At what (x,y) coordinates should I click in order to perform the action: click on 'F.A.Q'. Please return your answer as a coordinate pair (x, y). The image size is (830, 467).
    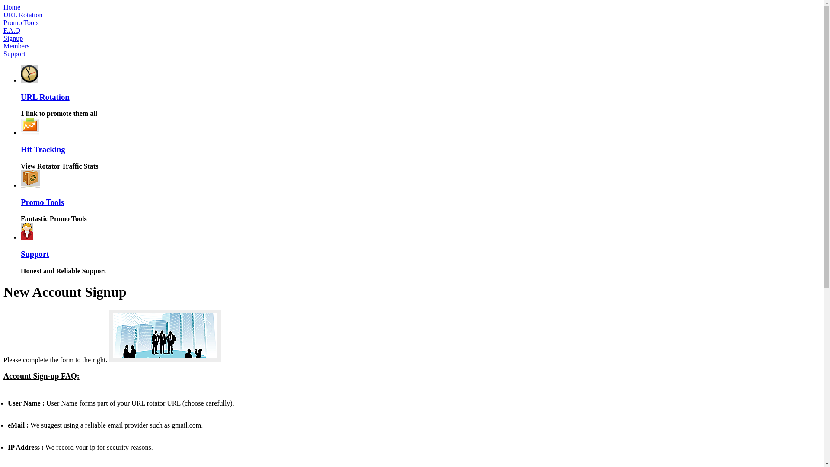
    Looking at the image, I should click on (12, 30).